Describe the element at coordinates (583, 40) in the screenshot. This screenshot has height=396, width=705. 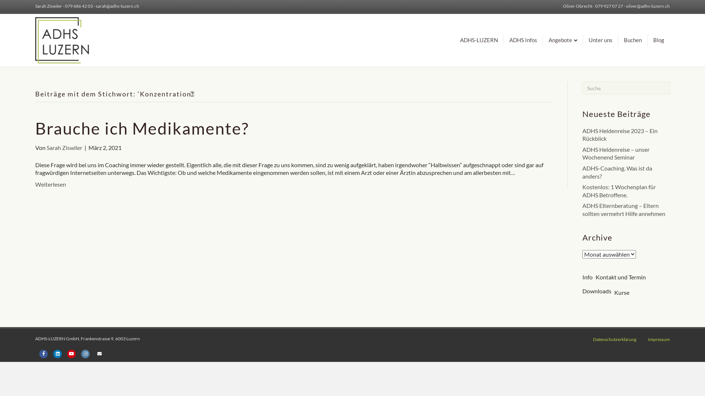
I see `'Unter uns'` at that location.